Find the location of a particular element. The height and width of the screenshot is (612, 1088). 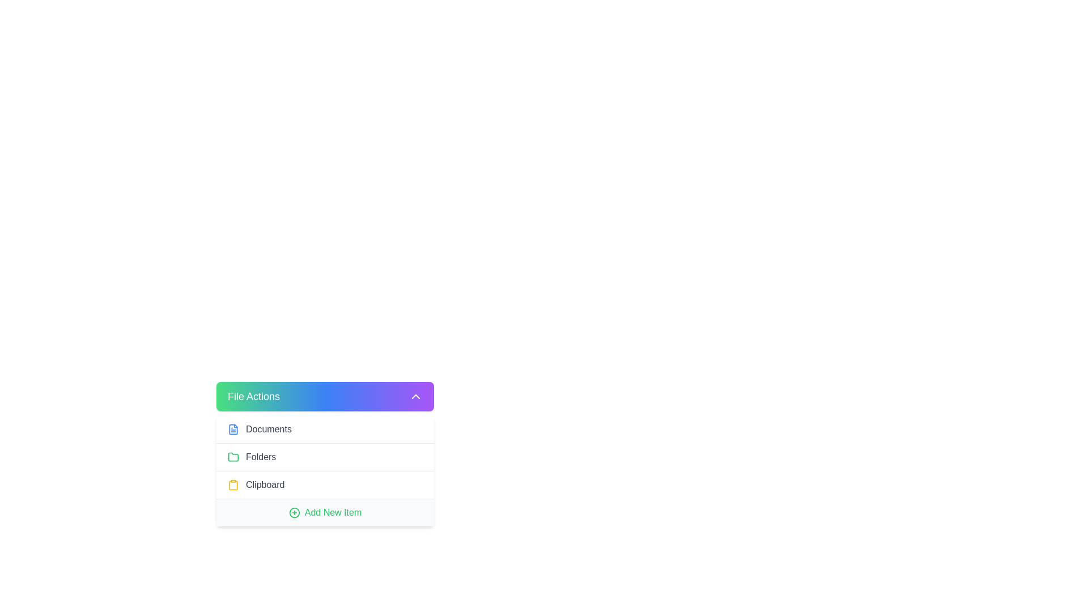

text label that describes the folder-related functionality, located in the 'File Actions' section, as the second item in the list, adjacent to the green folder icon is located at coordinates (260, 456).